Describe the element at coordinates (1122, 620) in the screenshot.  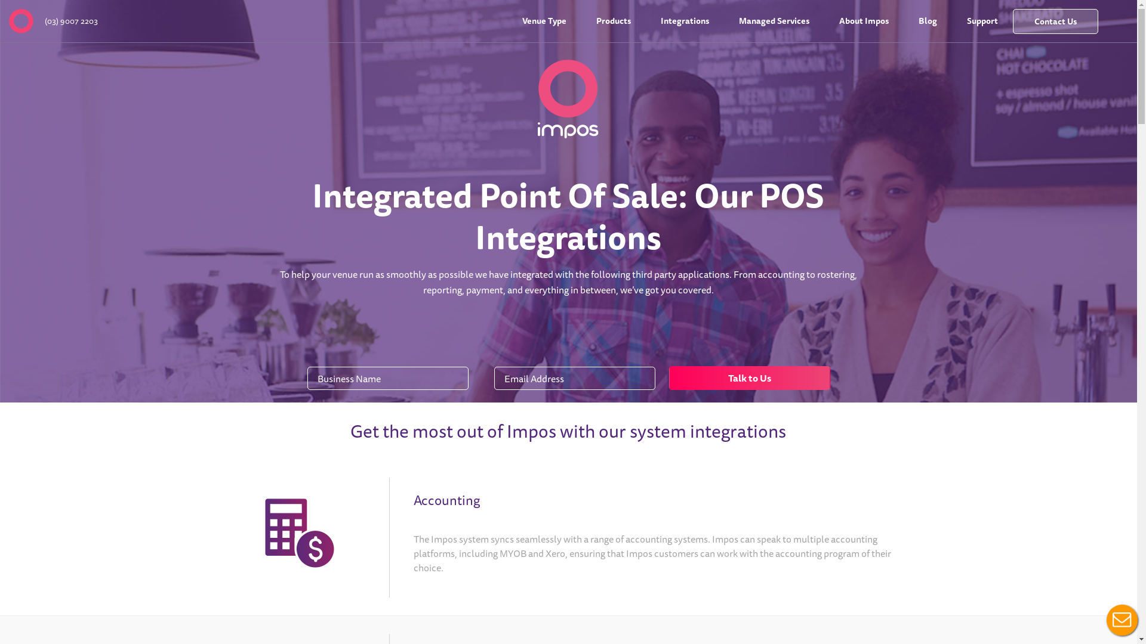
I see `'Live Chat Button'` at that location.